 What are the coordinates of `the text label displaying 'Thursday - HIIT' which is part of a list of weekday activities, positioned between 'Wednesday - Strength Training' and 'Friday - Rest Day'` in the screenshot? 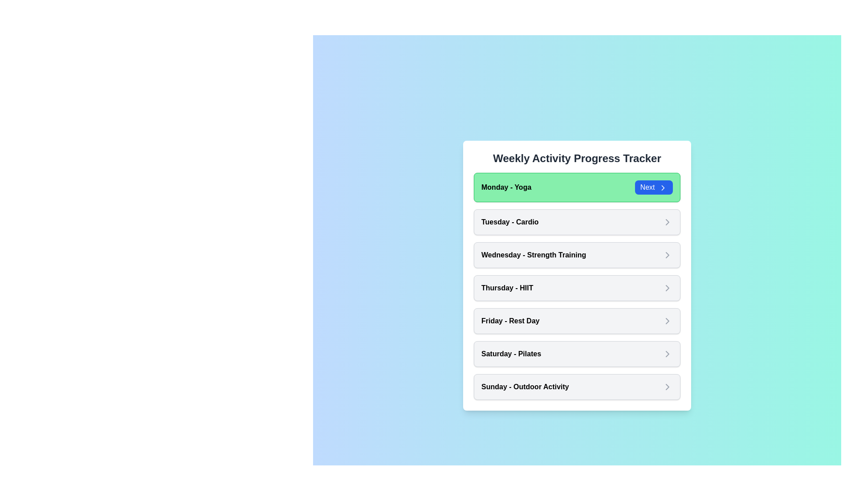 It's located at (507, 288).